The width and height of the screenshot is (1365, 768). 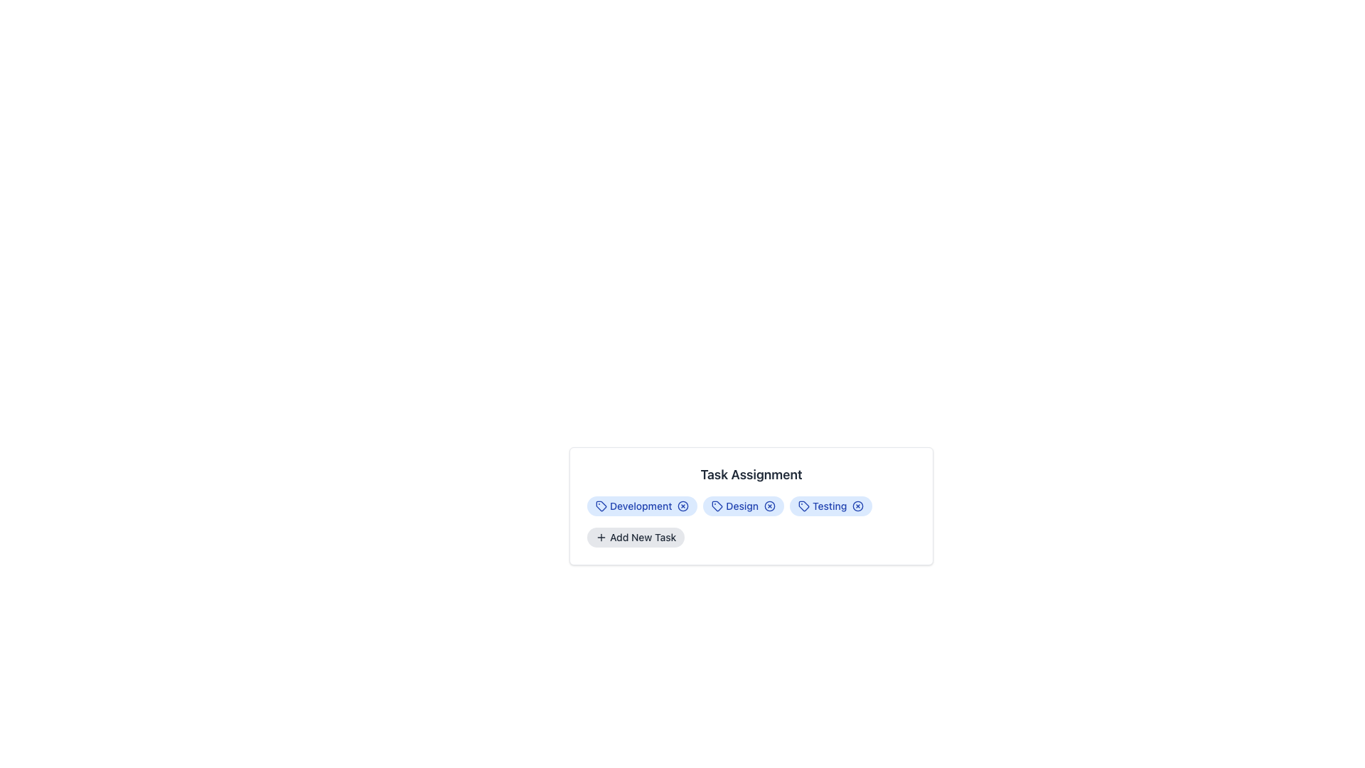 I want to click on the 'X' button on the 'Development' tag label, so click(x=641, y=506).